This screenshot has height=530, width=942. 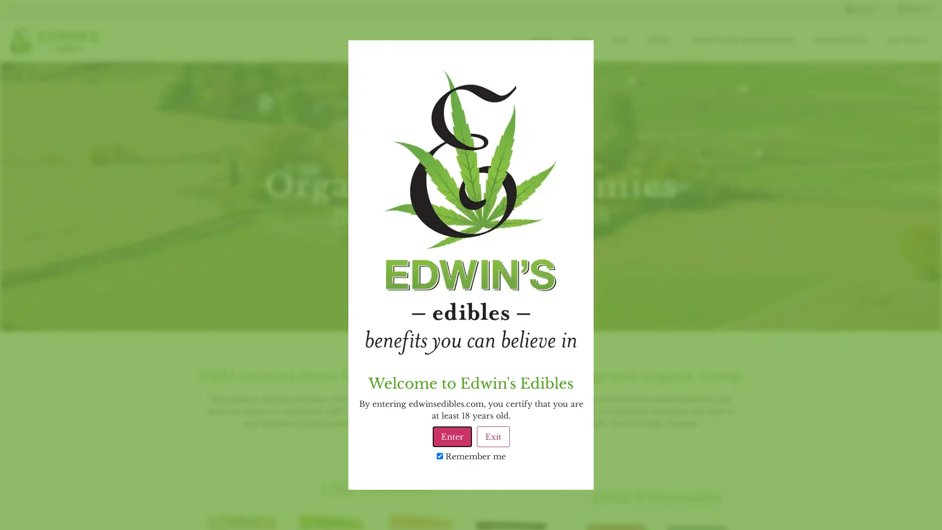 I want to click on Exit, so click(x=493, y=436).